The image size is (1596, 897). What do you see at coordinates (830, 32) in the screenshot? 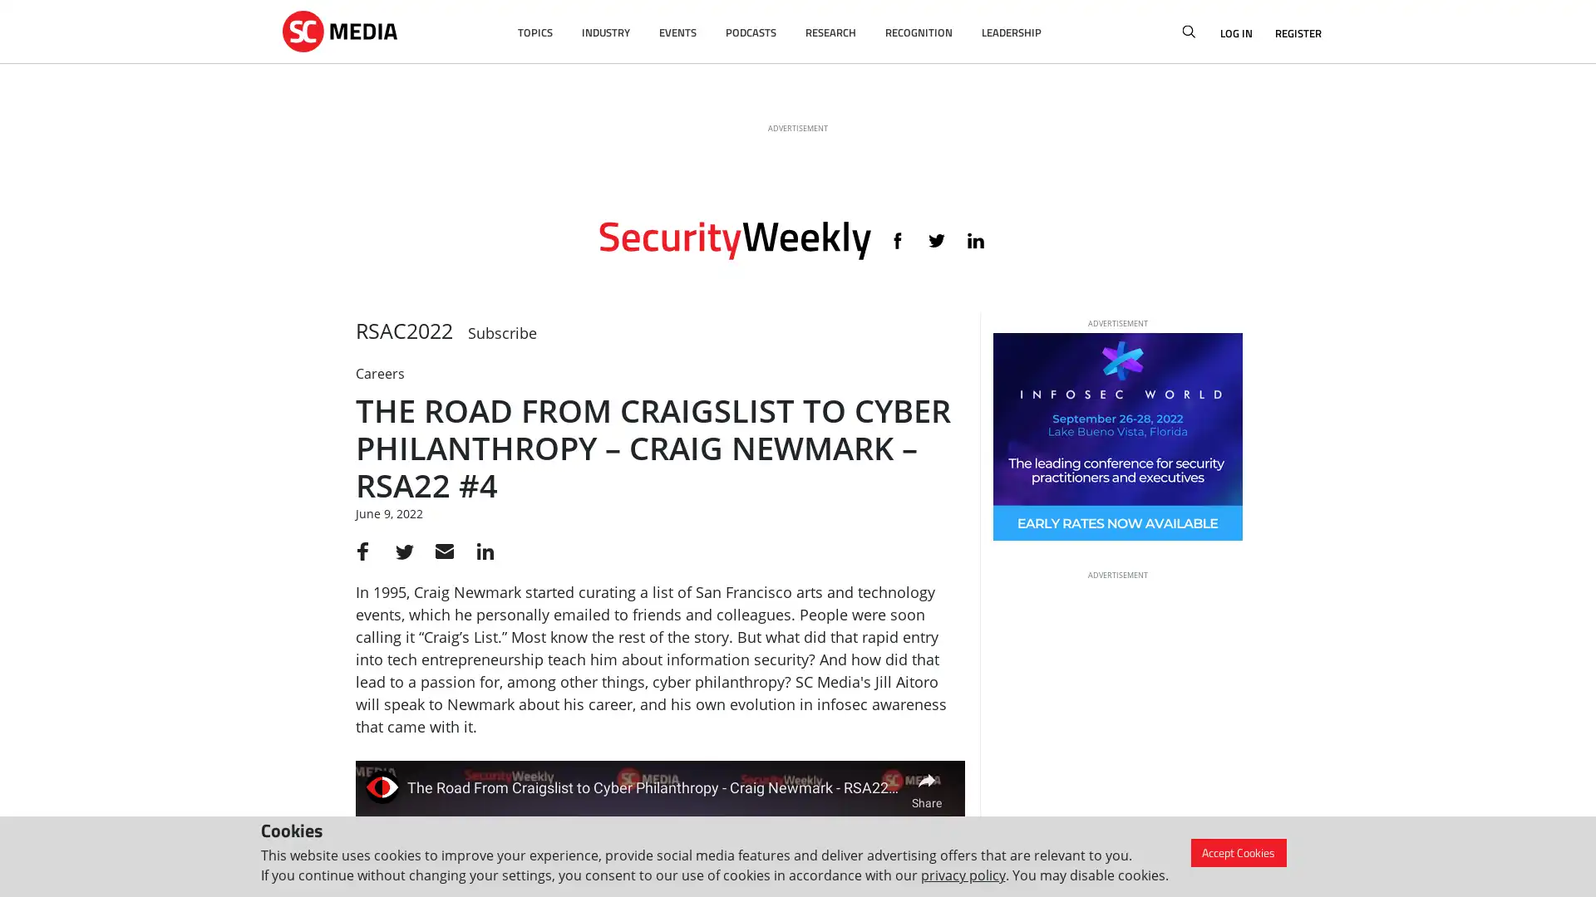
I see `RESEARCH` at bounding box center [830, 32].